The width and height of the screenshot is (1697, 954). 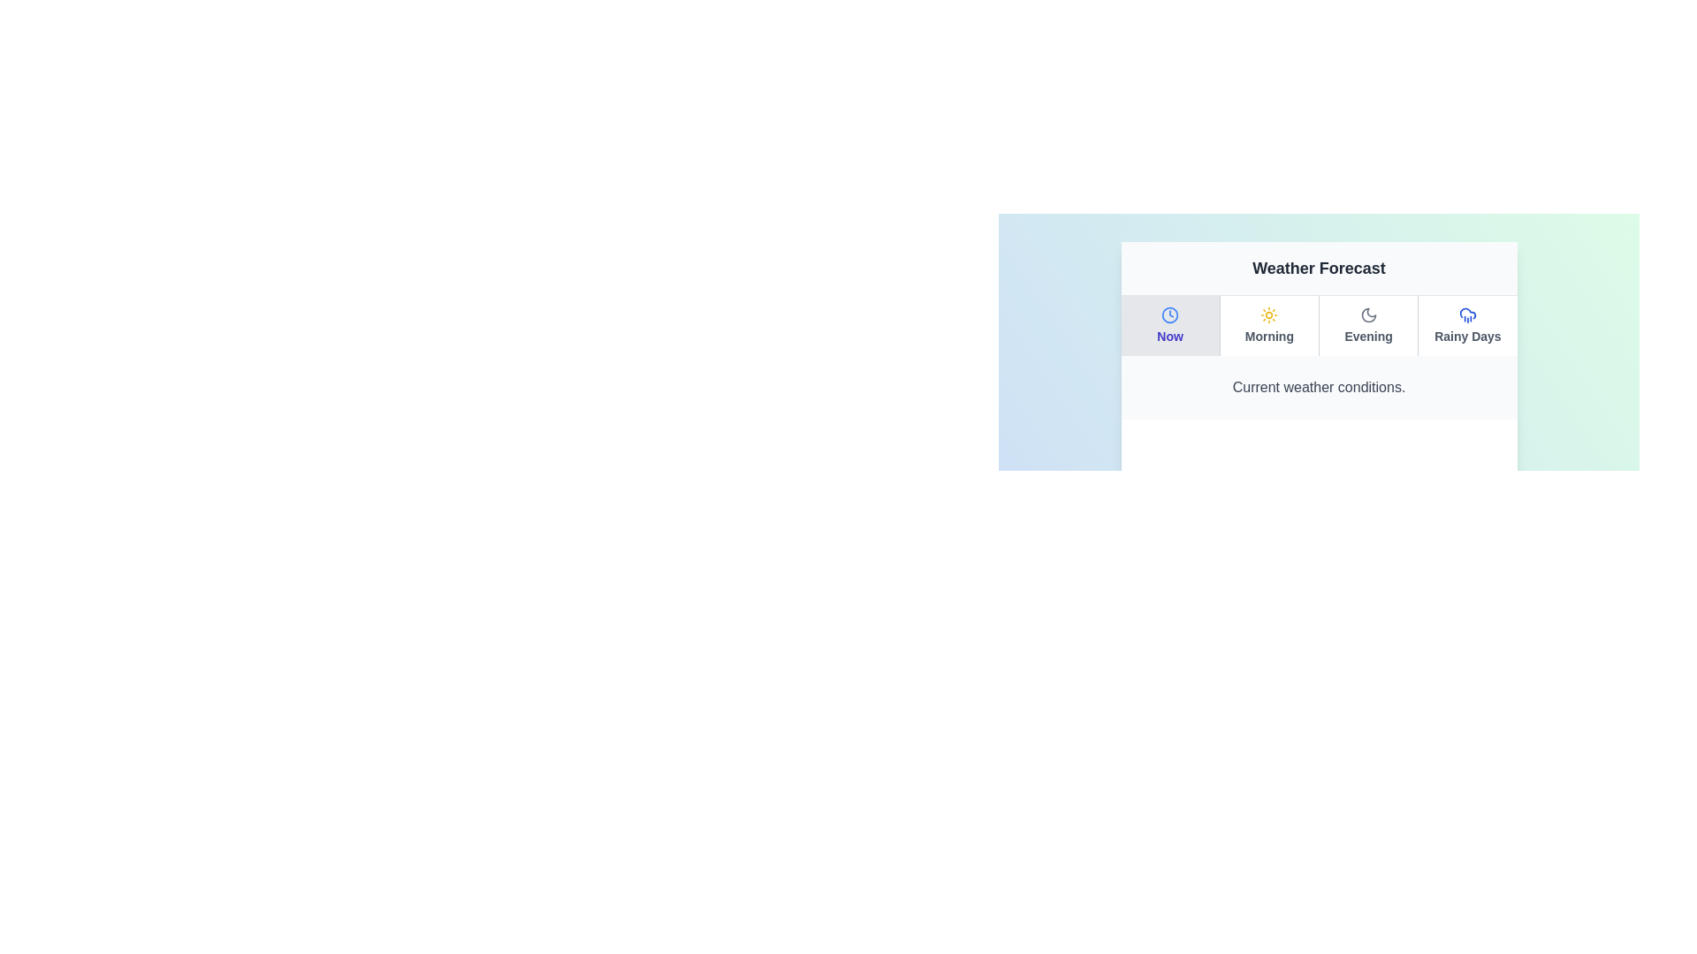 What do you see at coordinates (1170, 326) in the screenshot?
I see `the 'Now' button located at the top left corner of a row of buttons labeled 'Now', 'Morning', 'Evening', and 'Rainy Days'` at bounding box center [1170, 326].